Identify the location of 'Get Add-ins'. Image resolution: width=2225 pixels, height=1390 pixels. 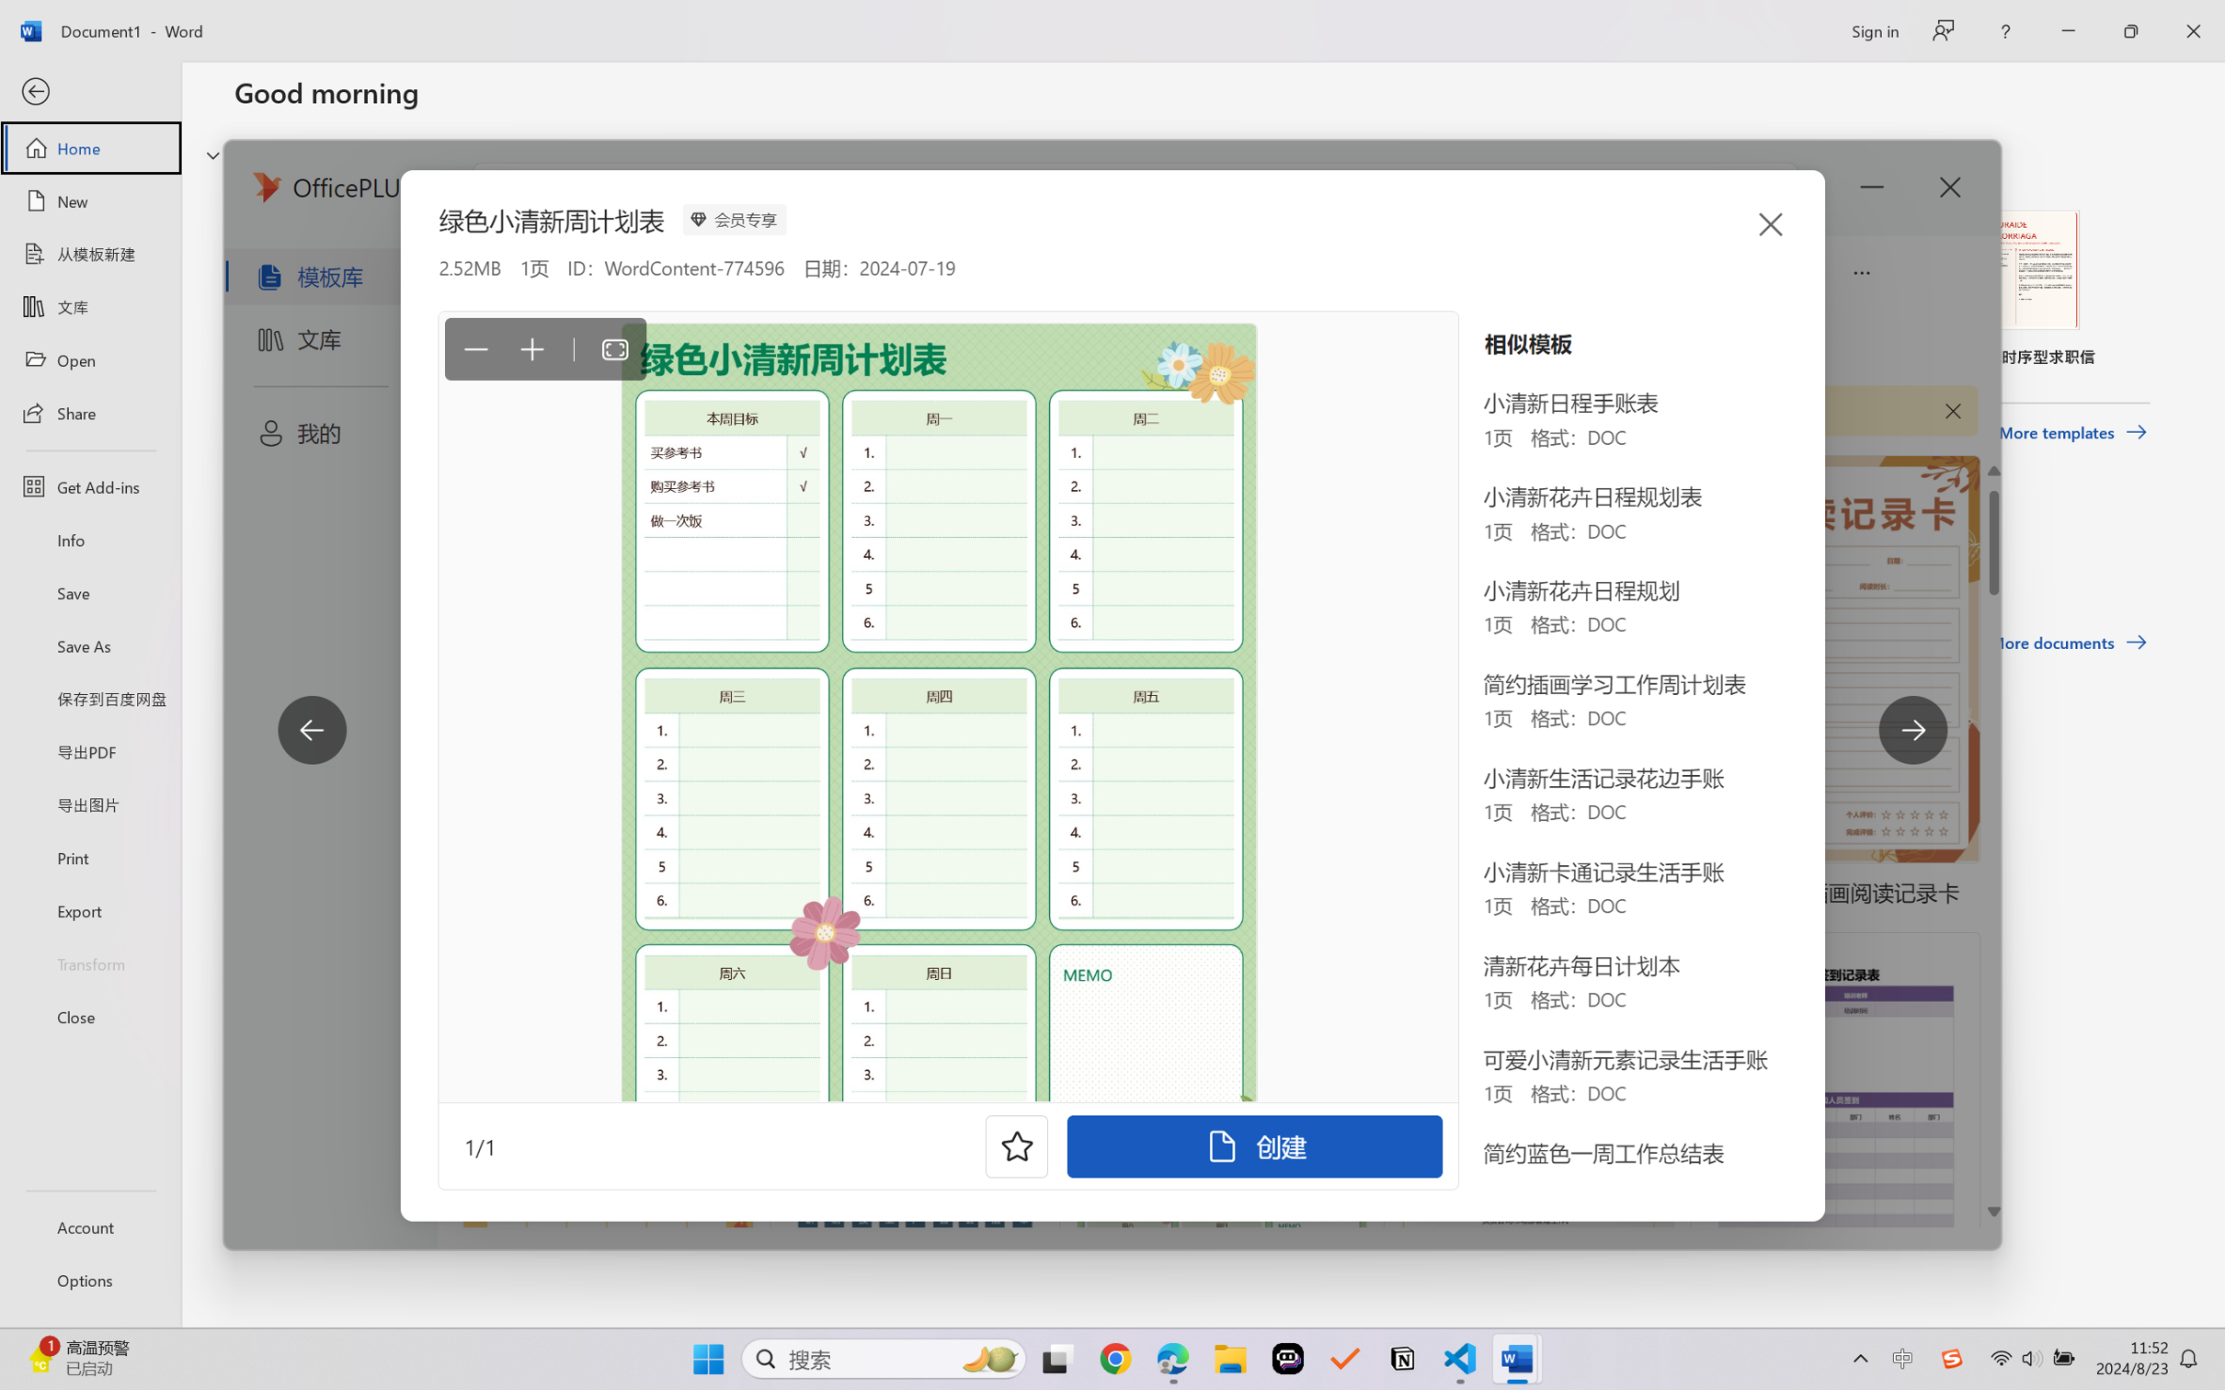
(89, 485).